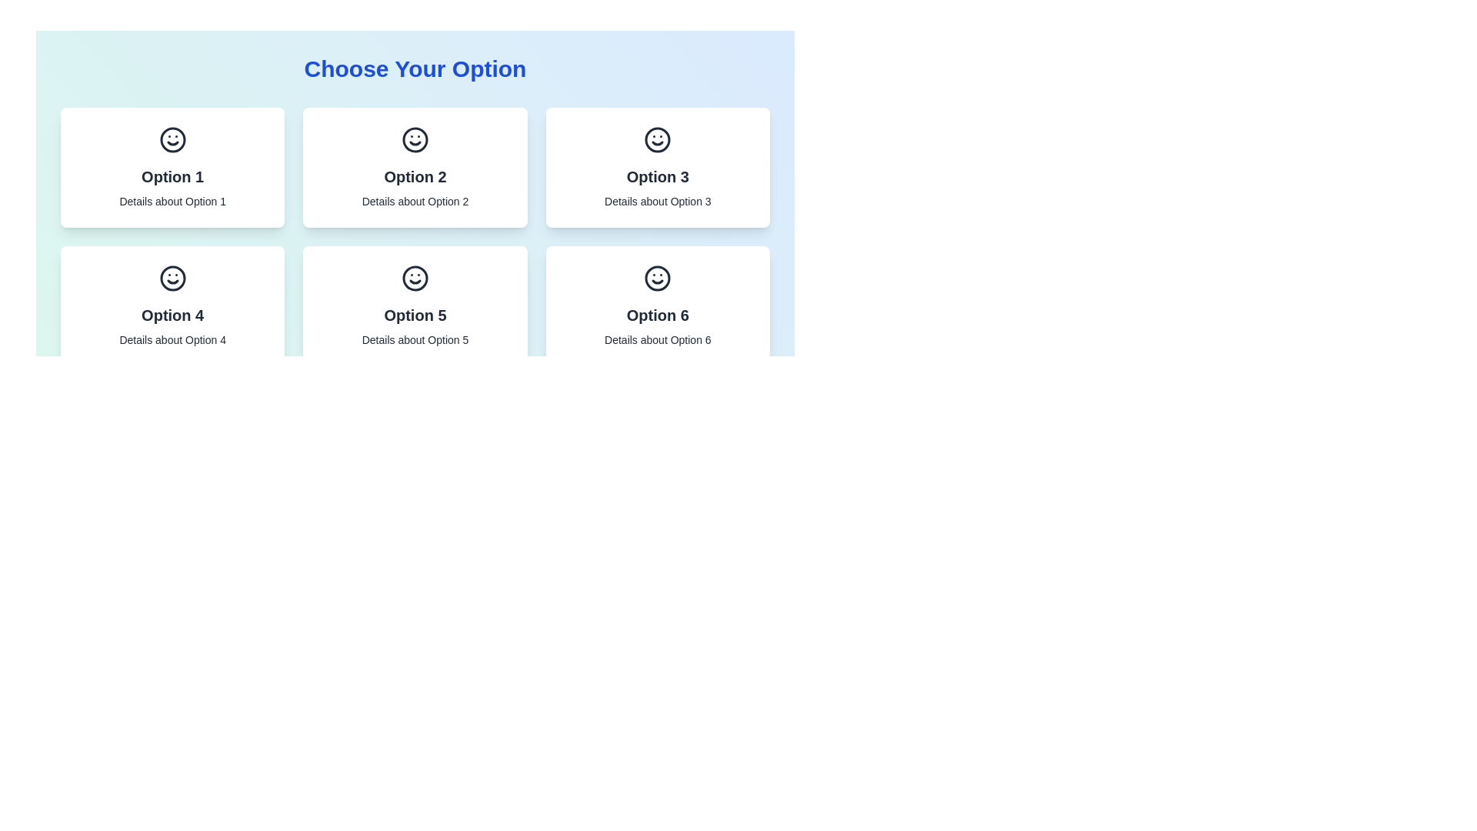 Image resolution: width=1477 pixels, height=831 pixels. I want to click on the decorative circle element within the second card of the top row in the SVG graphic, which is outlined in black and has no fill, so click(415, 139).